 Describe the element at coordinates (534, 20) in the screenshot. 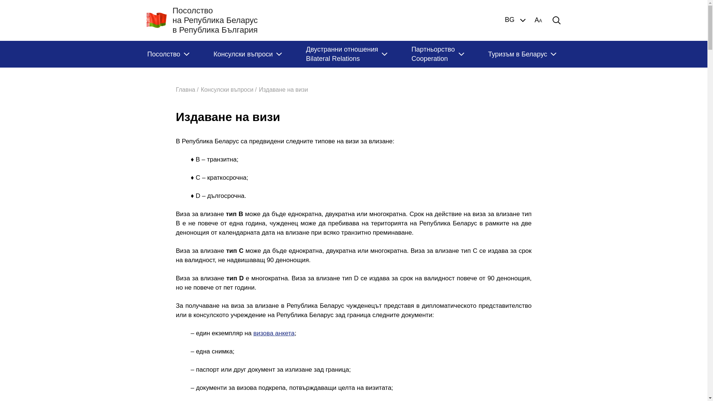

I see `'AA'` at that location.